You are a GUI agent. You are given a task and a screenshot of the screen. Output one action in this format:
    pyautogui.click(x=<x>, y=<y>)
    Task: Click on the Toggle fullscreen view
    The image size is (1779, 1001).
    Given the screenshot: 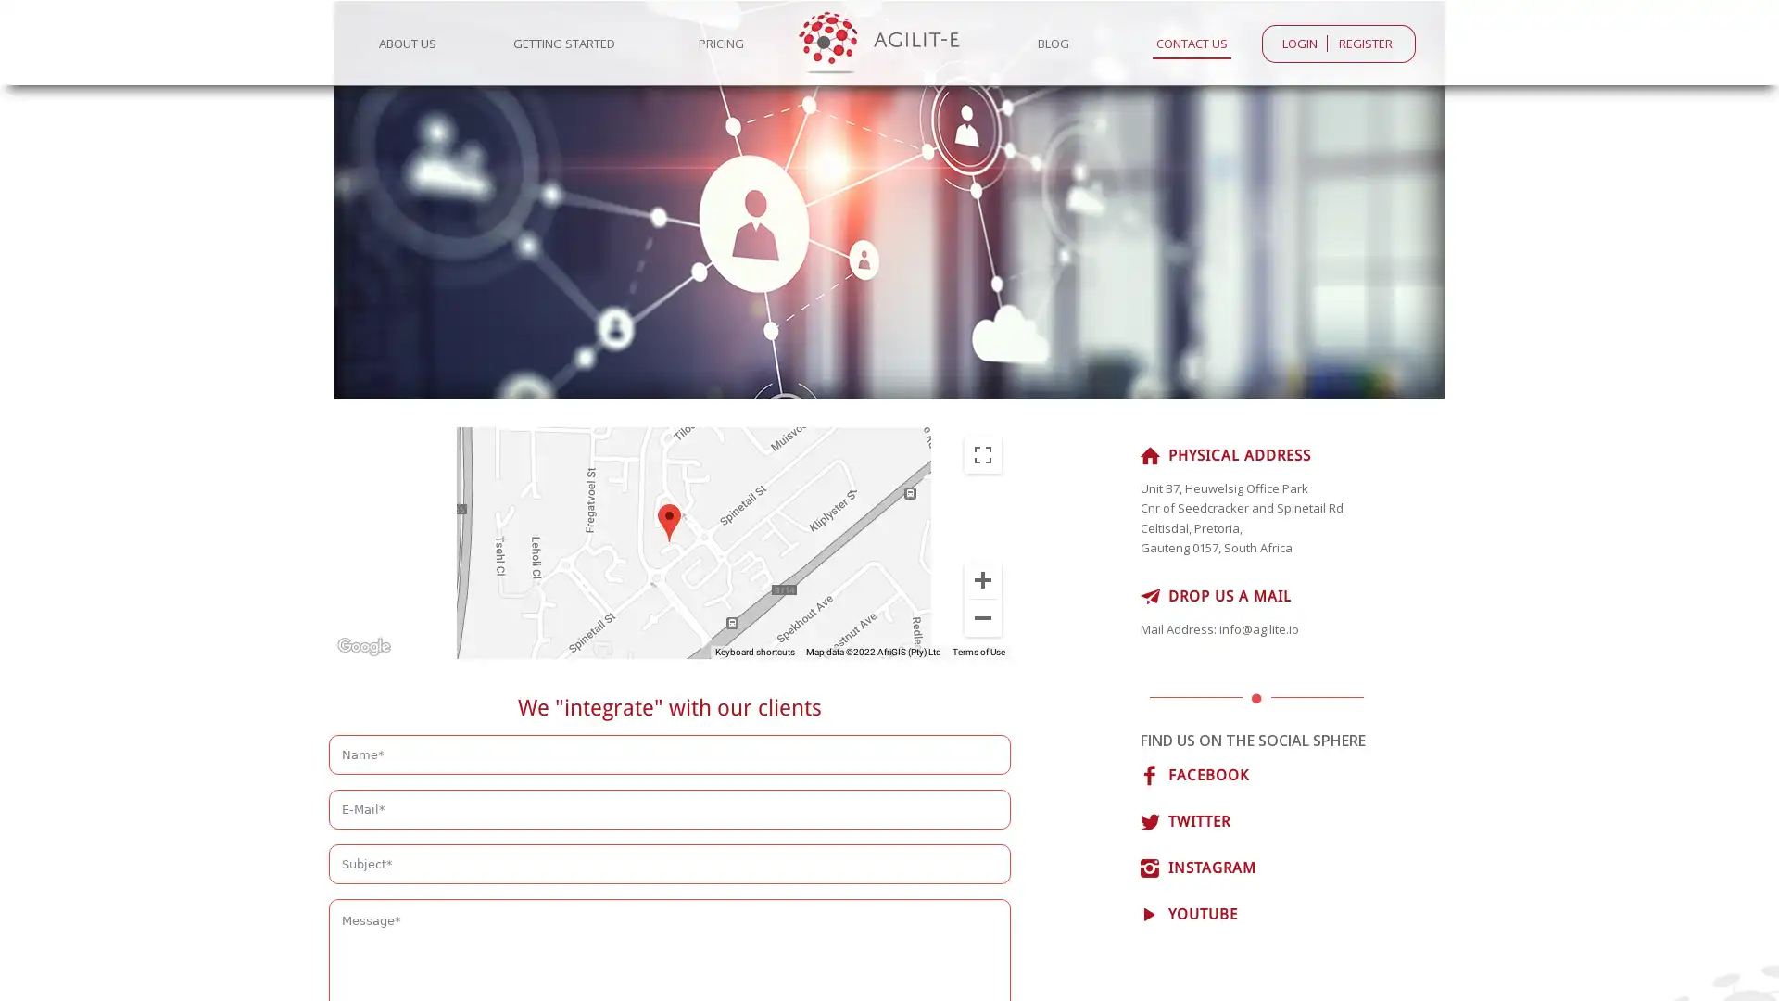 What is the action you would take?
    pyautogui.click(x=981, y=454)
    